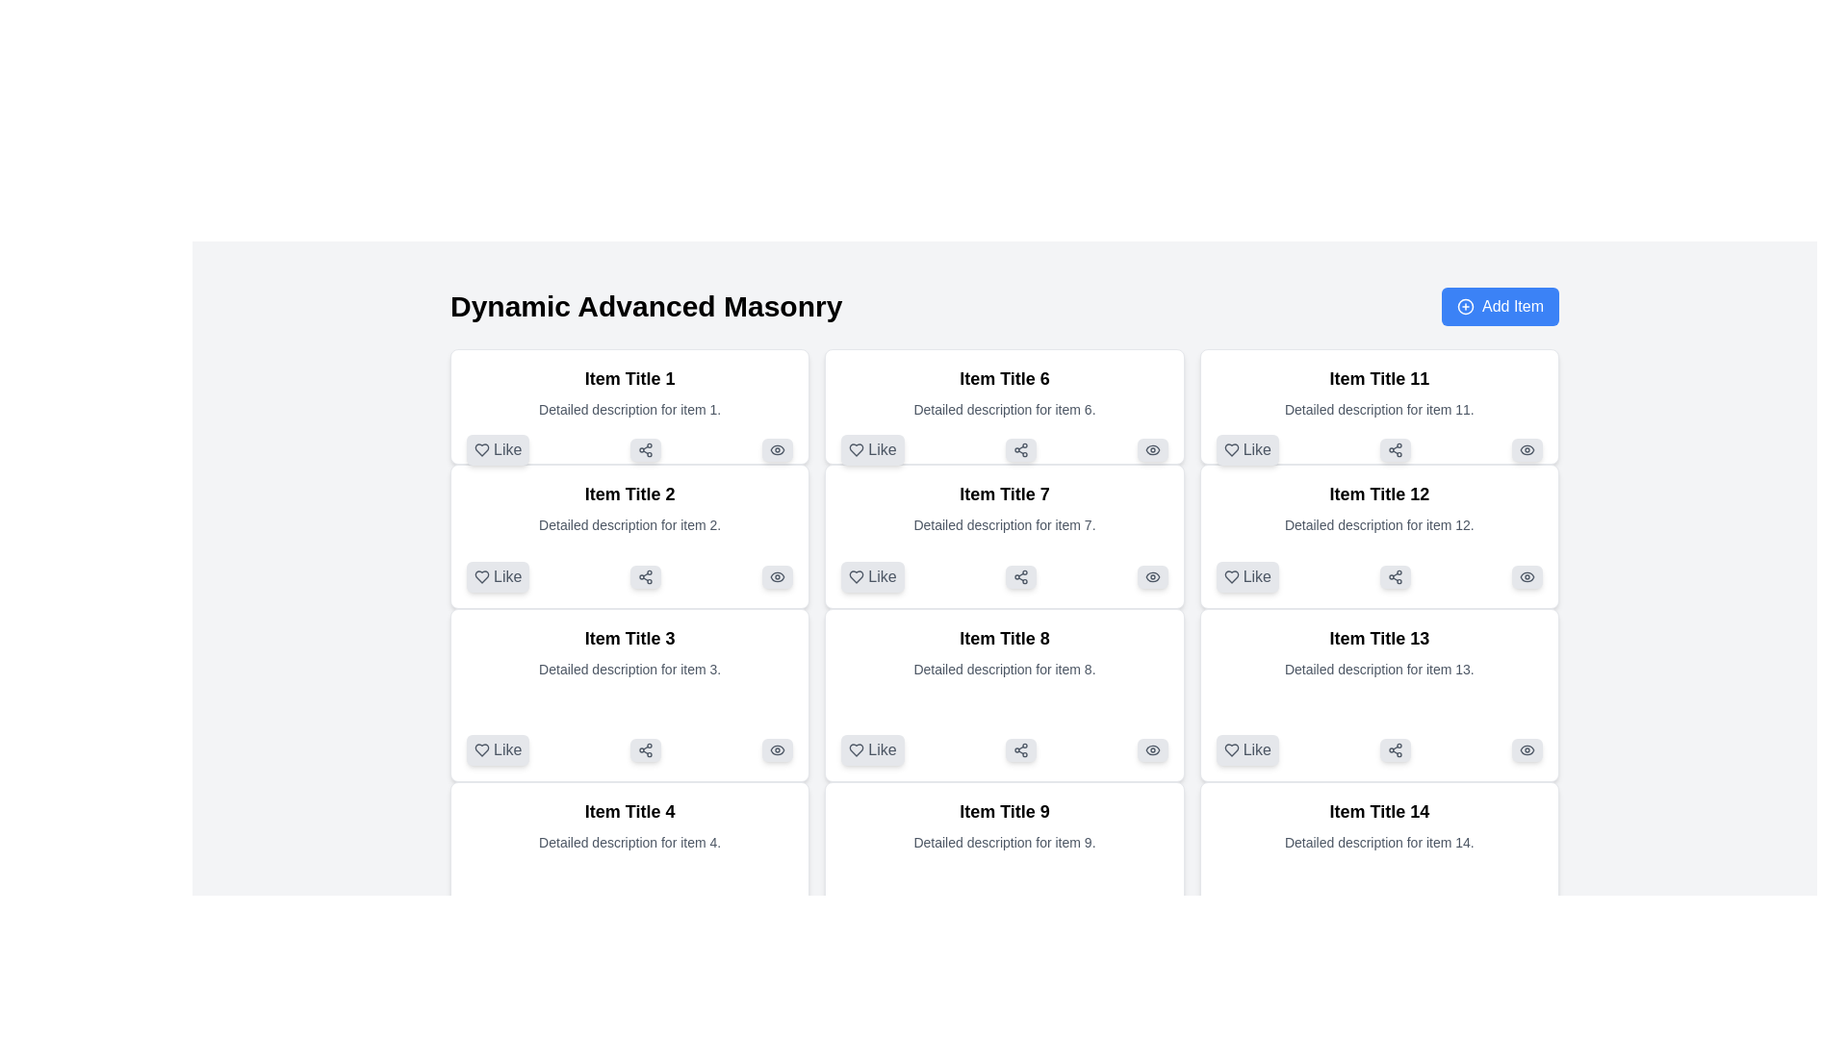  What do you see at coordinates (1019, 576) in the screenshot?
I see `the 'Share' button located within the card titled 'Item Title 7', positioned near the bottom, to the right of the 'Like' button and to the left of a visibility-related icon` at bounding box center [1019, 576].